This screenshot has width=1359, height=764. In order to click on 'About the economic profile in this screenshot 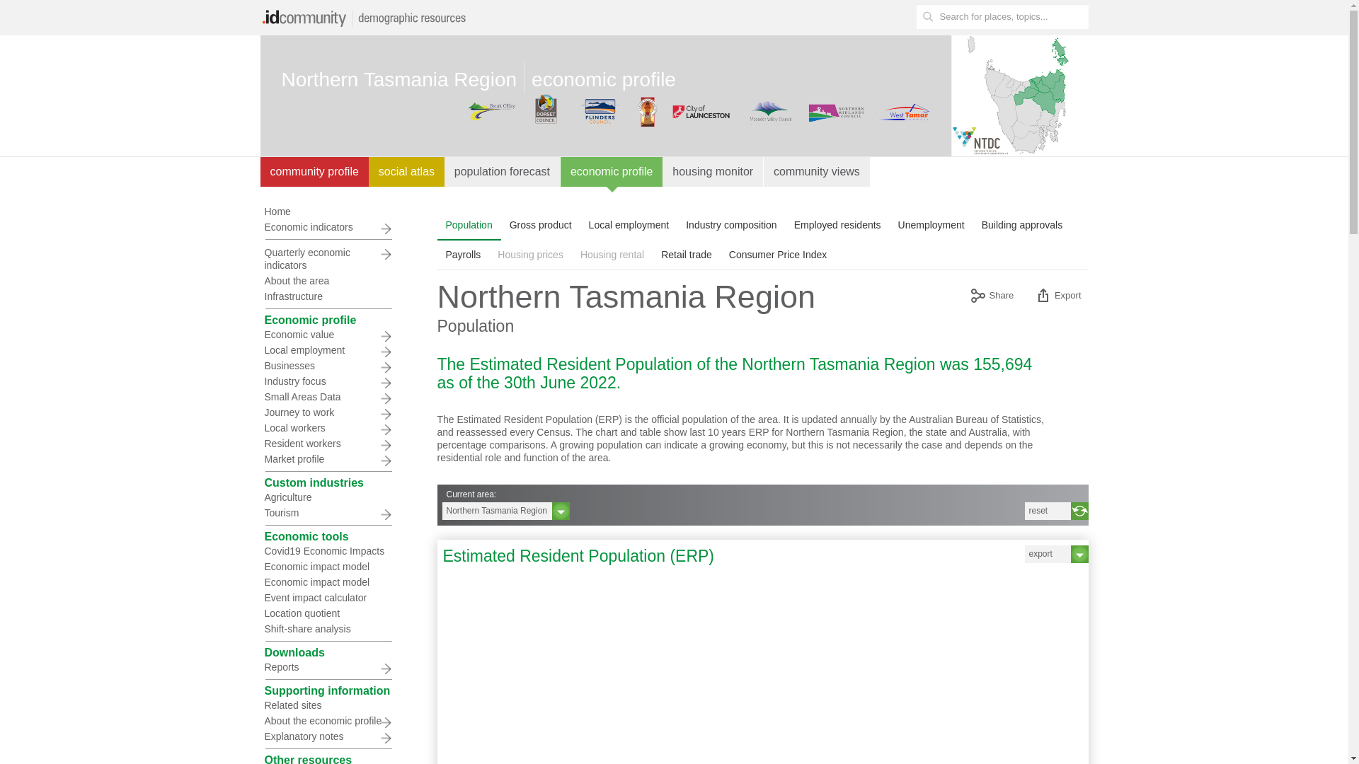, I will do `click(326, 720)`.